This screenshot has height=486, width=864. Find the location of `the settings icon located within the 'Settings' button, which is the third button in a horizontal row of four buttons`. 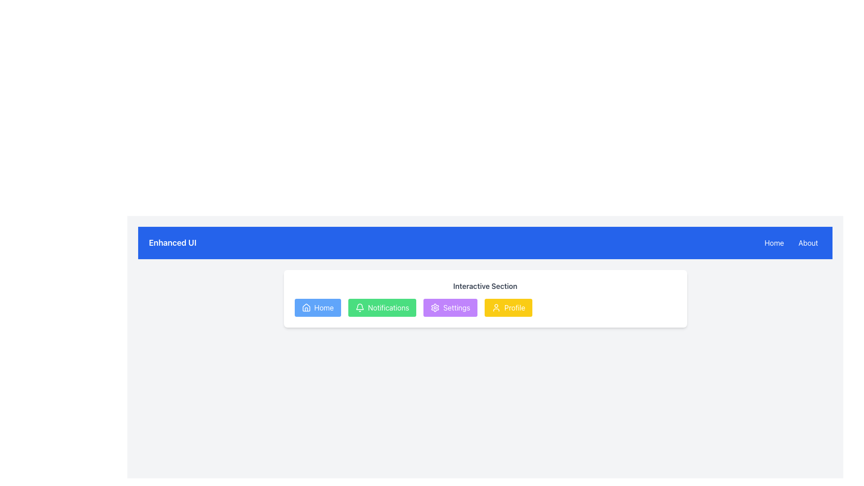

the settings icon located within the 'Settings' button, which is the third button in a horizontal row of four buttons is located at coordinates (435, 307).